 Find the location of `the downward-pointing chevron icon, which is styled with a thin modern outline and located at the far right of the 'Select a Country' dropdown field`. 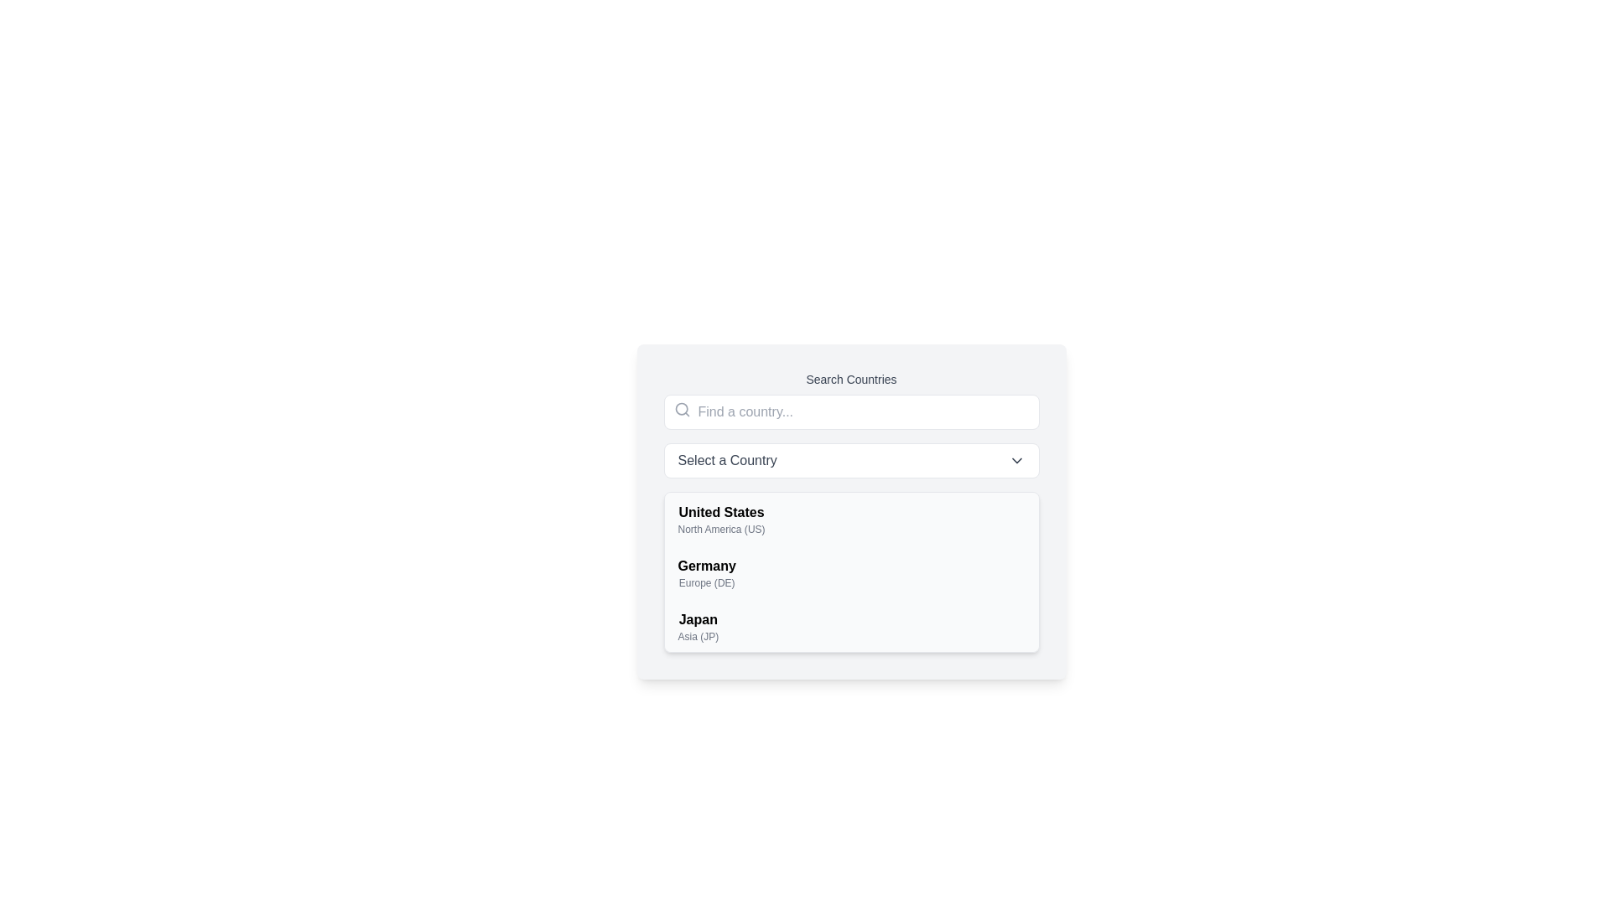

the downward-pointing chevron icon, which is styled with a thin modern outline and located at the far right of the 'Select a Country' dropdown field is located at coordinates (1015, 461).